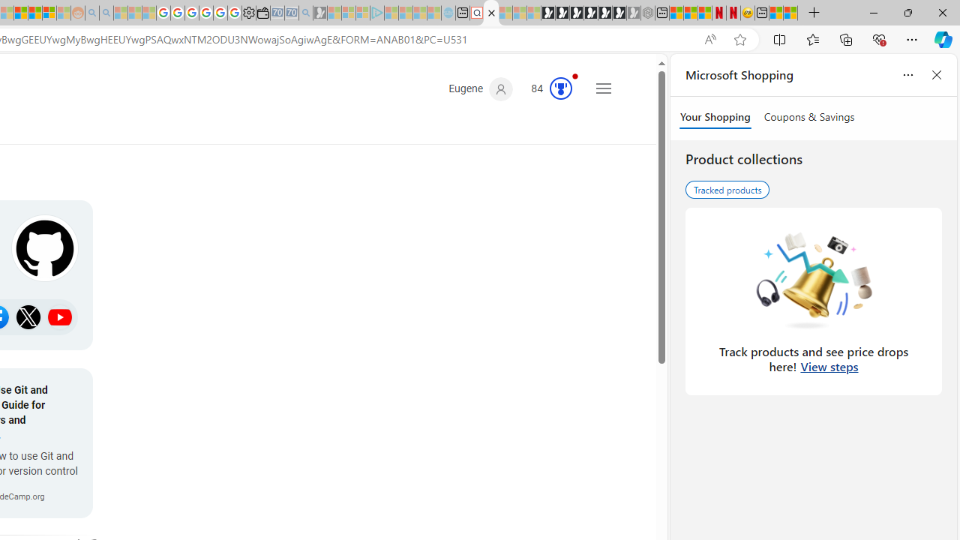  I want to click on 'Wallet', so click(262, 13).